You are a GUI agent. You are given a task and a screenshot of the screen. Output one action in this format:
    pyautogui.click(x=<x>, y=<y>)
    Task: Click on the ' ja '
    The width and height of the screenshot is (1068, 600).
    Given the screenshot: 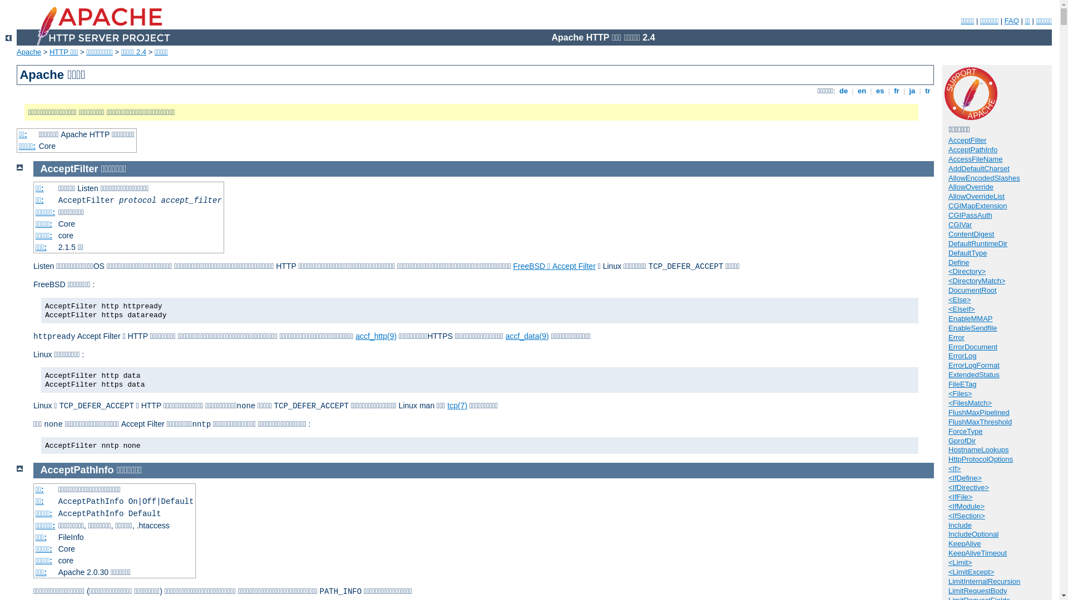 What is the action you would take?
    pyautogui.click(x=912, y=90)
    